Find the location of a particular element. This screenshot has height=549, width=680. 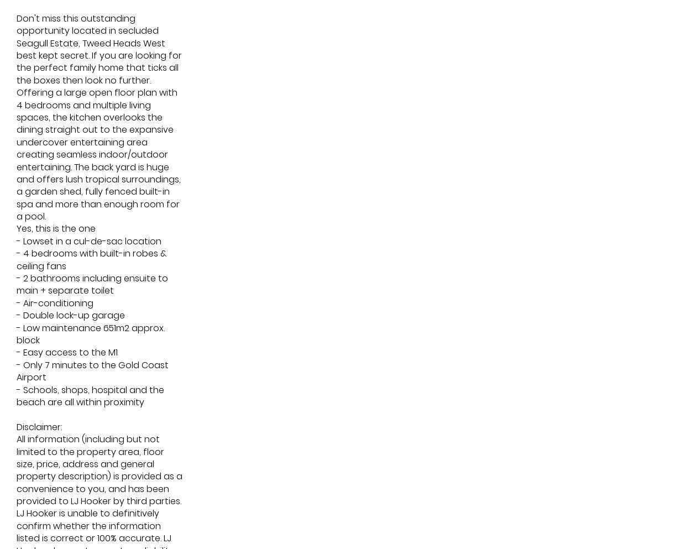

'3' is located at coordinates (248, 287).